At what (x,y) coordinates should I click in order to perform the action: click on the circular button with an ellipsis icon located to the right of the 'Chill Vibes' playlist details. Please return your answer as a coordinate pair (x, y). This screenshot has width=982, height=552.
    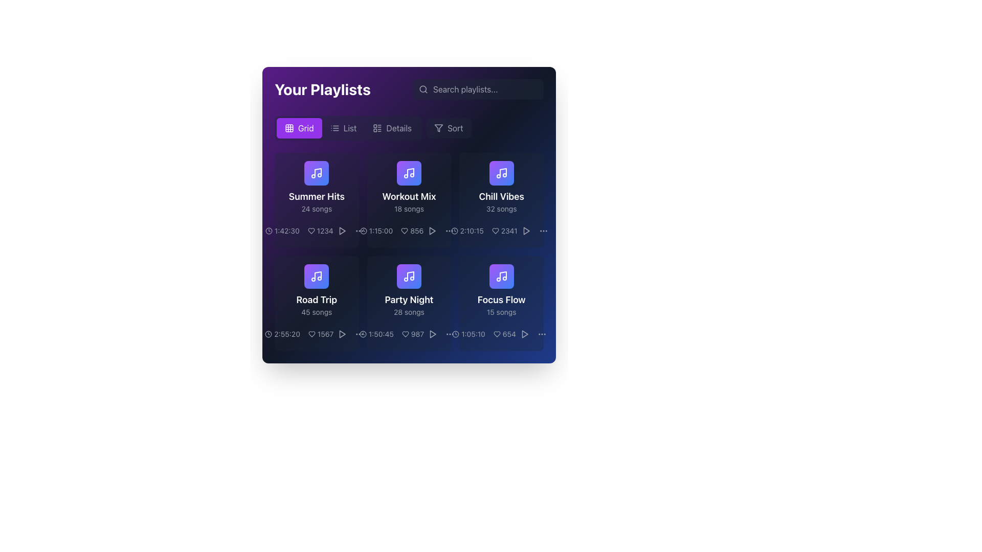
    Looking at the image, I should click on (543, 231).